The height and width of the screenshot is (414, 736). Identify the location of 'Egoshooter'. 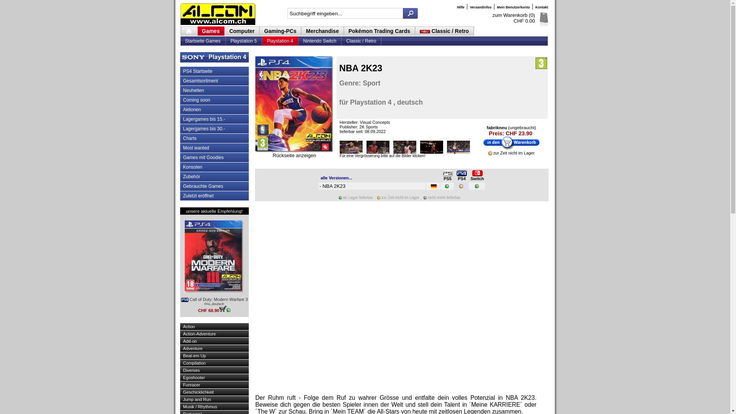
(180, 377).